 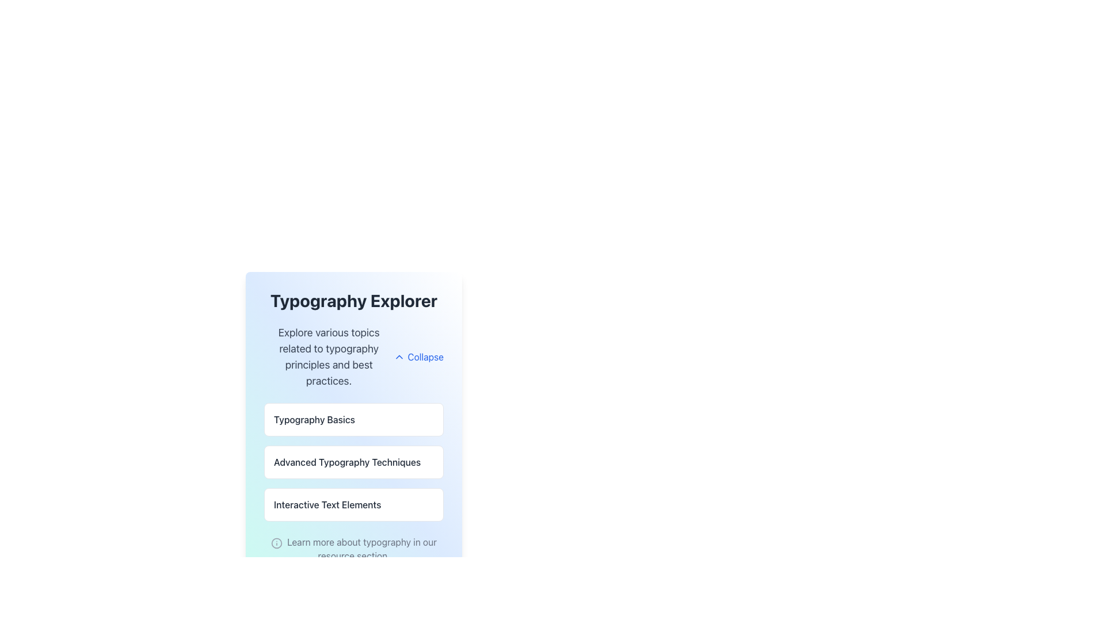 I want to click on the third card titled 'Interactive Text Elements' located in the 'Typography Explorer' section, so click(x=353, y=504).